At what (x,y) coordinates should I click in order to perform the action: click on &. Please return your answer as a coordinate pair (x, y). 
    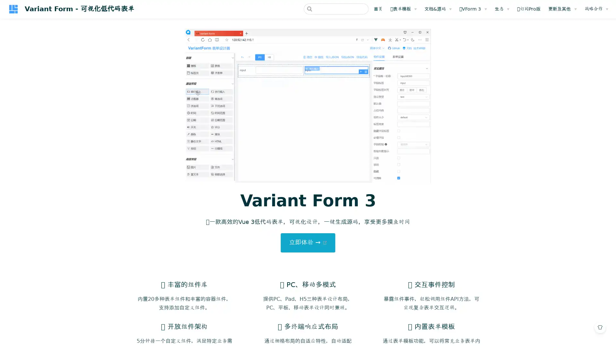
    Looking at the image, I should click on (438, 9).